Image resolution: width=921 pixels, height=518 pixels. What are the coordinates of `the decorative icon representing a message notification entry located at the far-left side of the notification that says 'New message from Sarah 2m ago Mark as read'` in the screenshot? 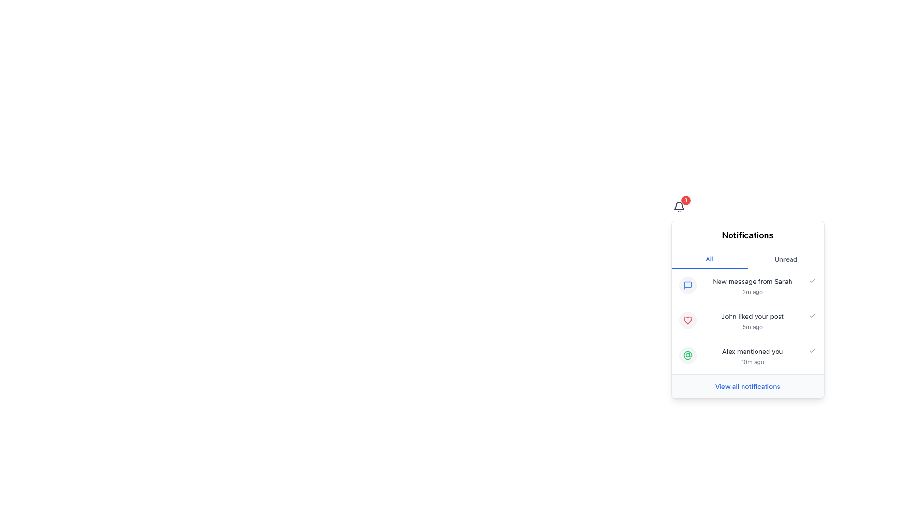 It's located at (687, 284).